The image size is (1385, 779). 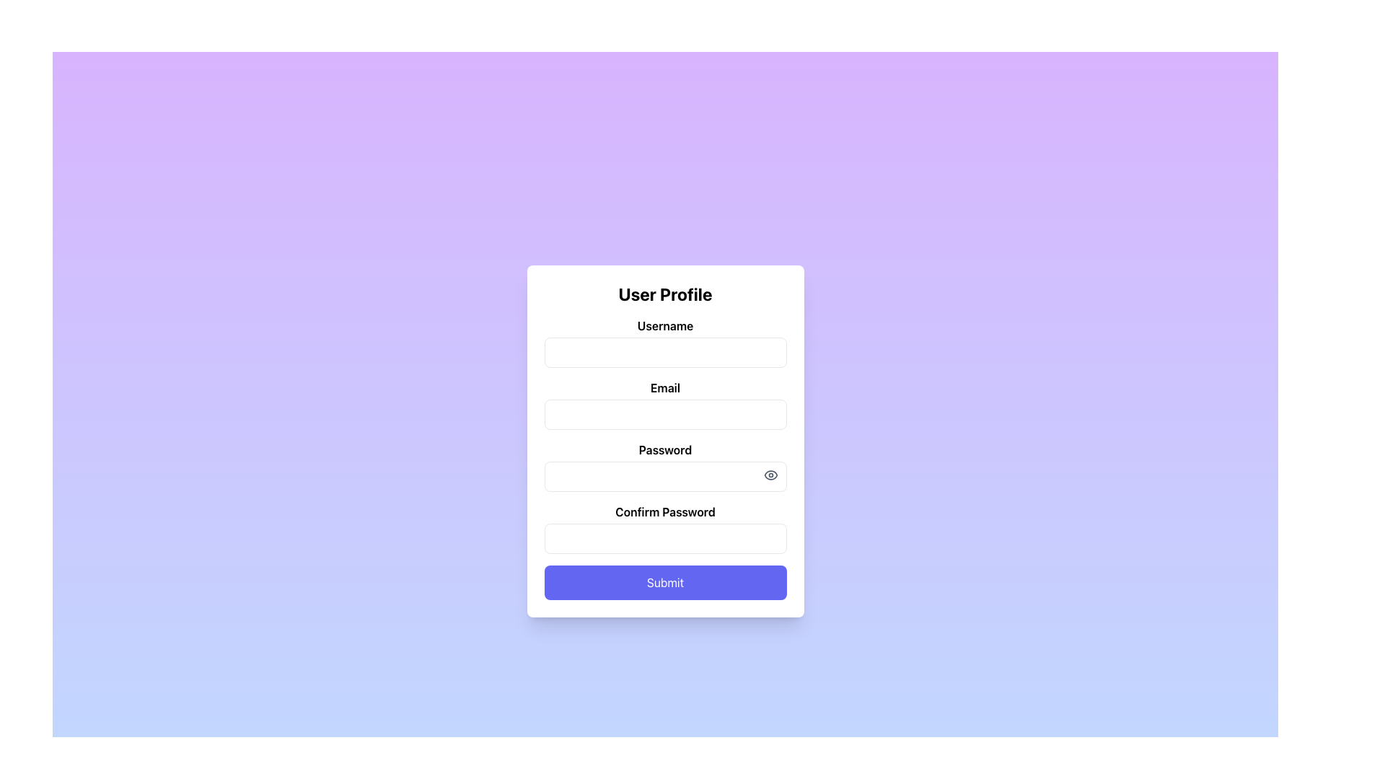 I want to click on the 'Submit' button at the bottom of the 'User Profile' form, so click(x=664, y=581).